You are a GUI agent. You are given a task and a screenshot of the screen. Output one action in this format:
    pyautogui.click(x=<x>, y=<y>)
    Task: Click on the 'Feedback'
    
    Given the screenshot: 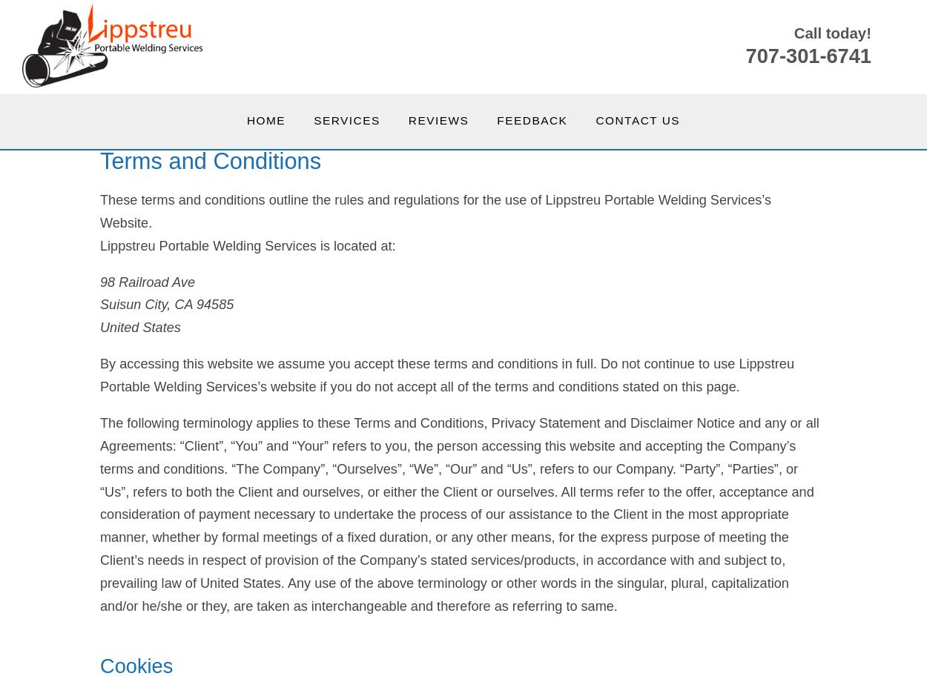 What is the action you would take?
    pyautogui.click(x=497, y=119)
    